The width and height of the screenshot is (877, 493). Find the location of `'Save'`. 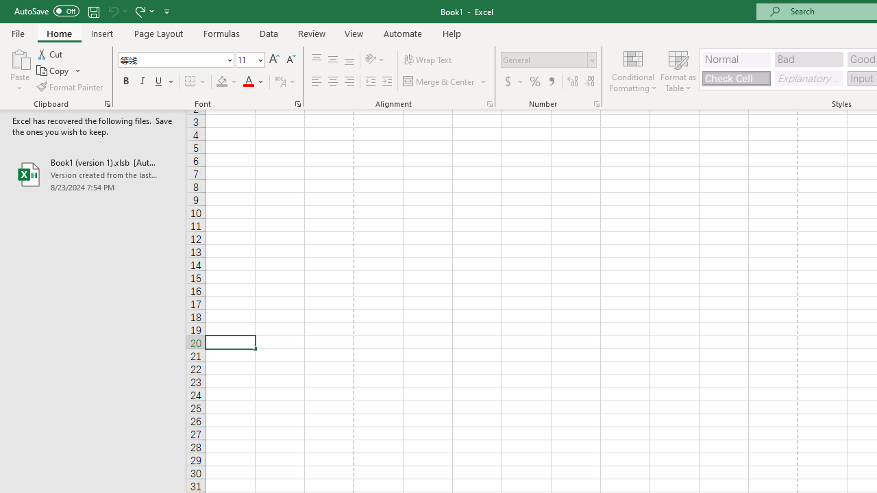

'Save' is located at coordinates (92, 11).